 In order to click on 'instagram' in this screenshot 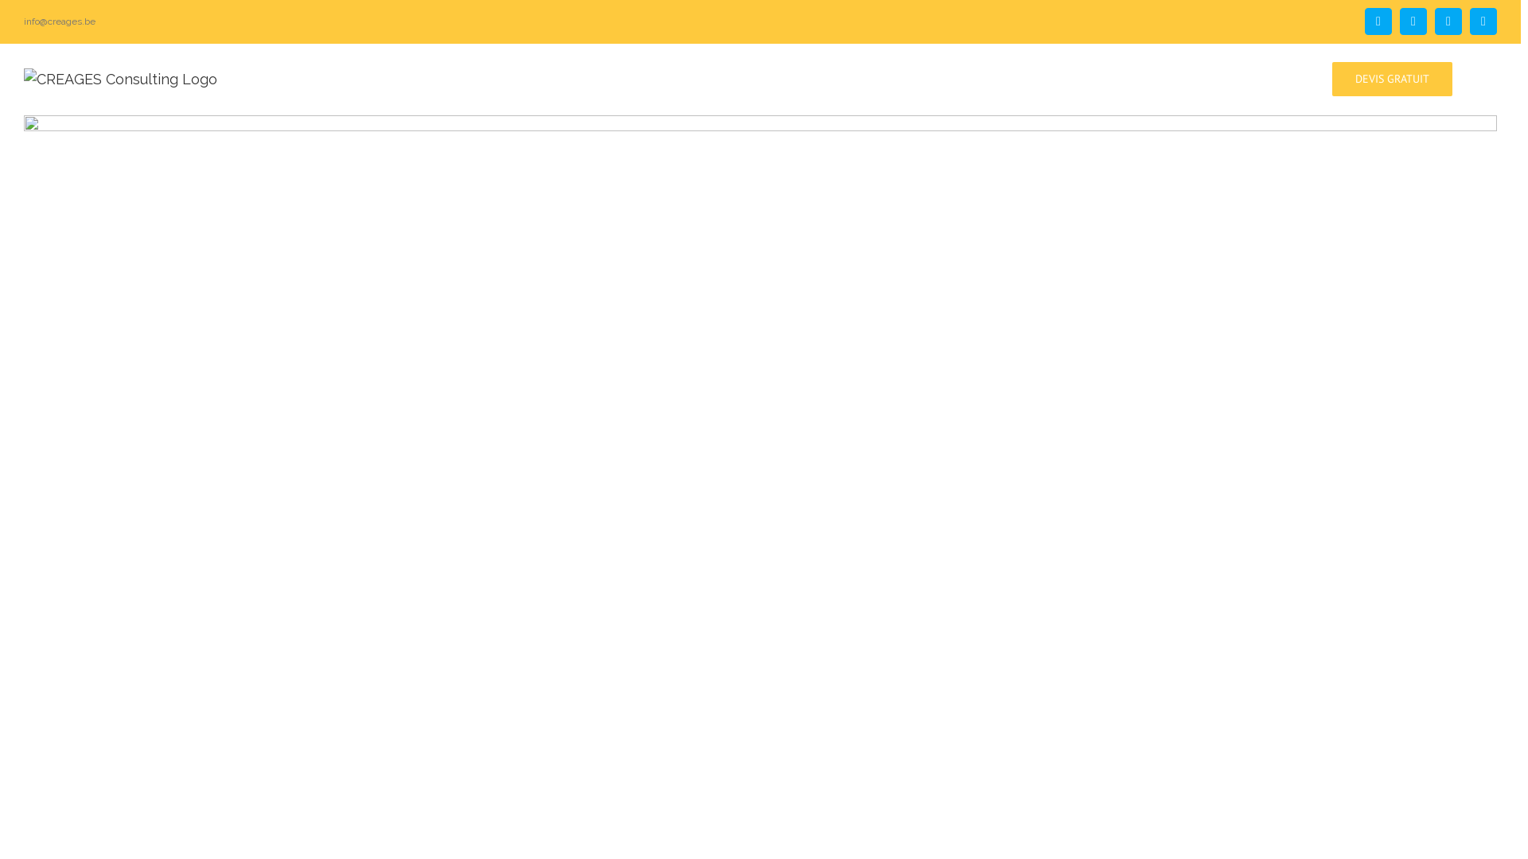, I will do `click(1435, 21)`.